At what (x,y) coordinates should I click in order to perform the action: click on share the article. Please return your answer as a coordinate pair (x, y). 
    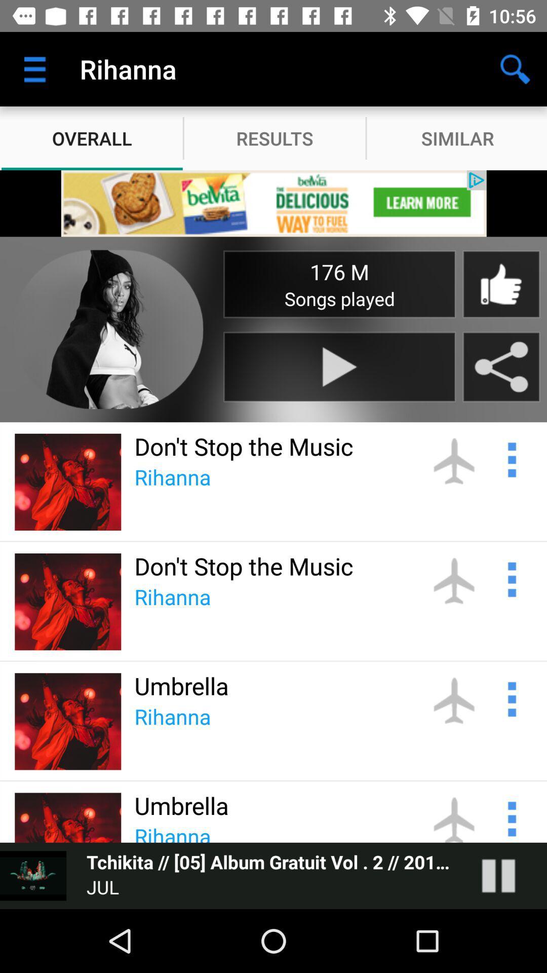
    Looking at the image, I should click on (501, 366).